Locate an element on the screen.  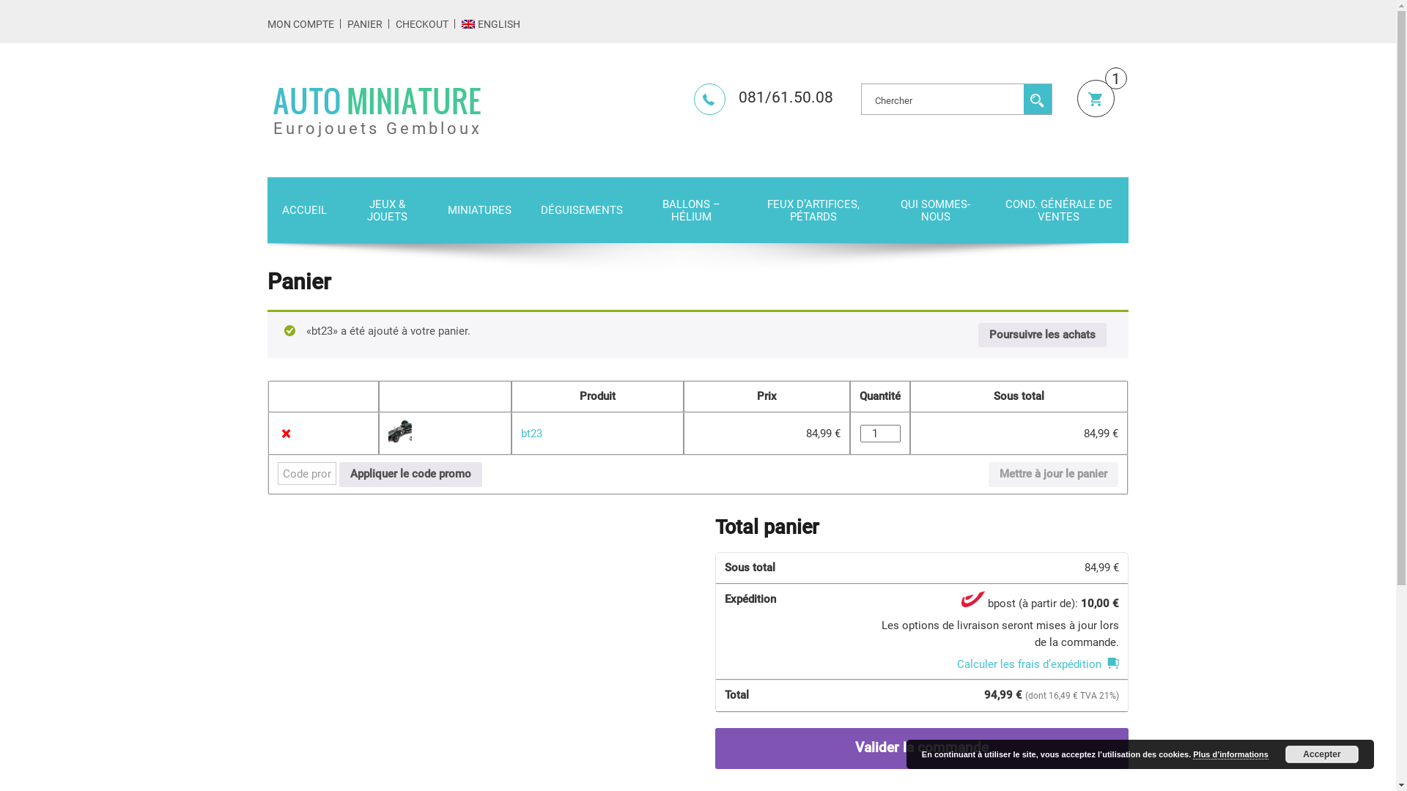
'JEUX & JOUETS' is located at coordinates (387, 209).